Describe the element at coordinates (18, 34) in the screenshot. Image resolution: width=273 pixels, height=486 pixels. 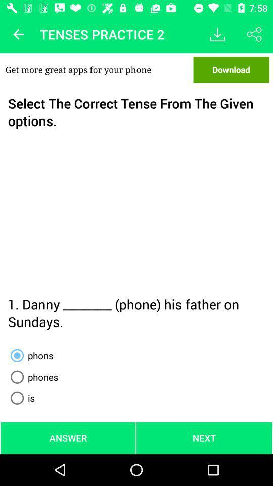
I see `go back` at that location.